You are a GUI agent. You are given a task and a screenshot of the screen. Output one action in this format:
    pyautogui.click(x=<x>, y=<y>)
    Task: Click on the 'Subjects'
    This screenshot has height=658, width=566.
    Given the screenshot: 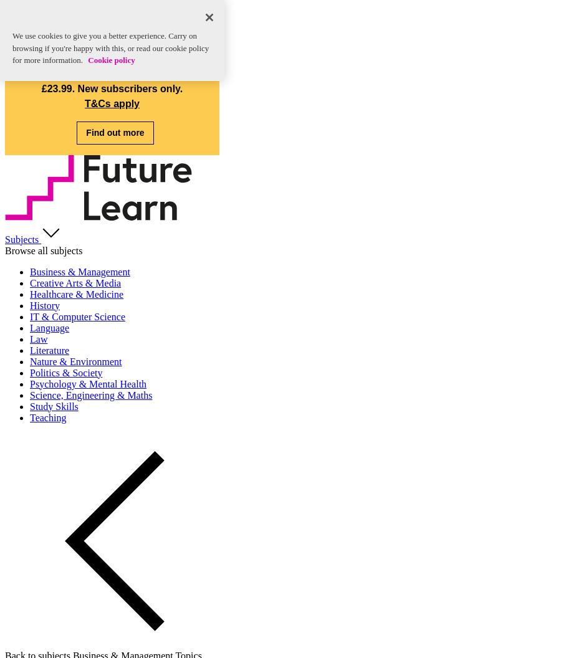 What is the action you would take?
    pyautogui.click(x=22, y=238)
    